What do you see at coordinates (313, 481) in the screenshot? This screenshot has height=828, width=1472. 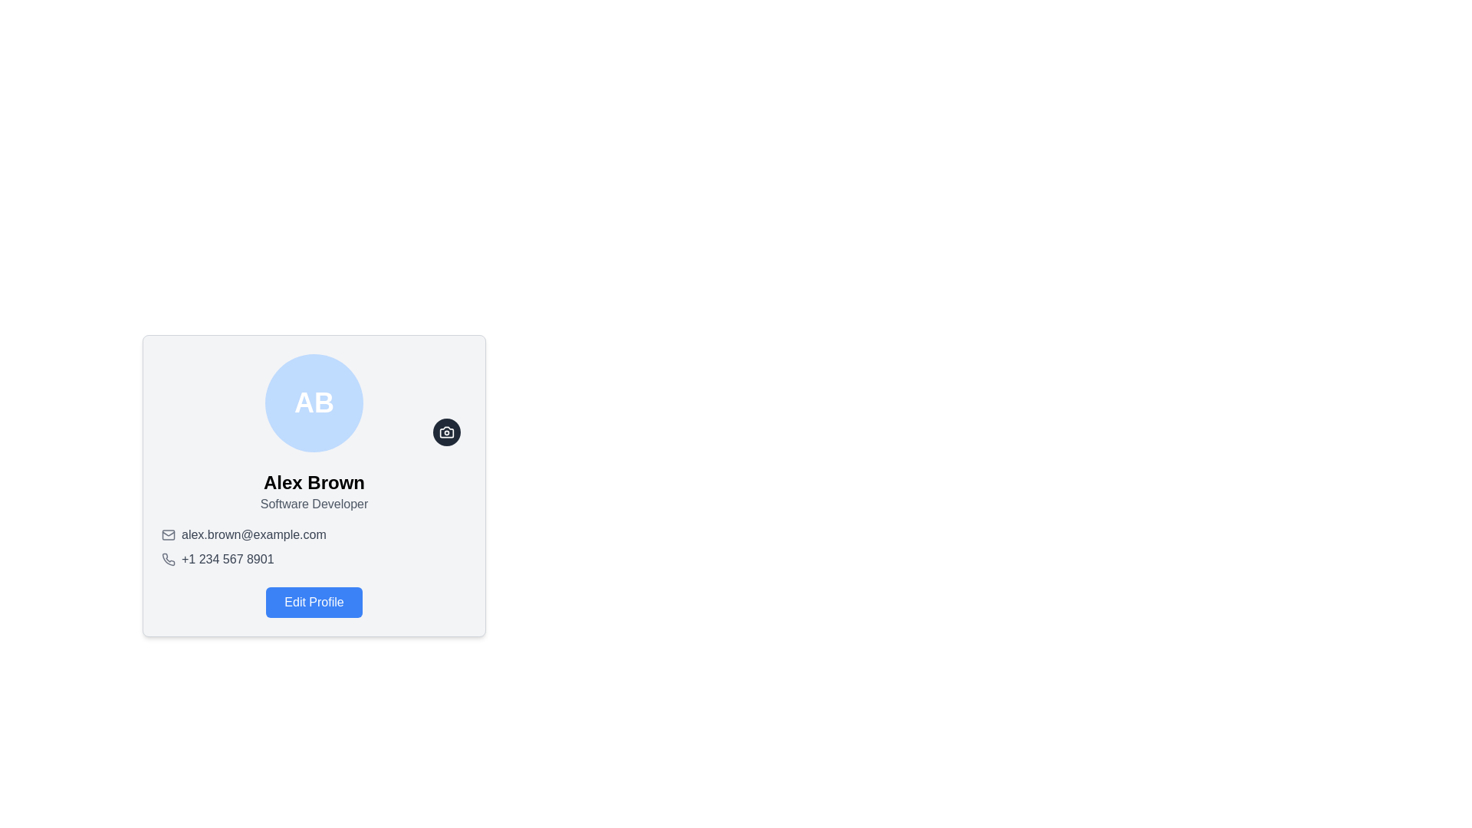 I see `the text 'Alex Brown' for copy actions from the bold text label displayed in a large font size within a light gray card-like section` at bounding box center [313, 481].